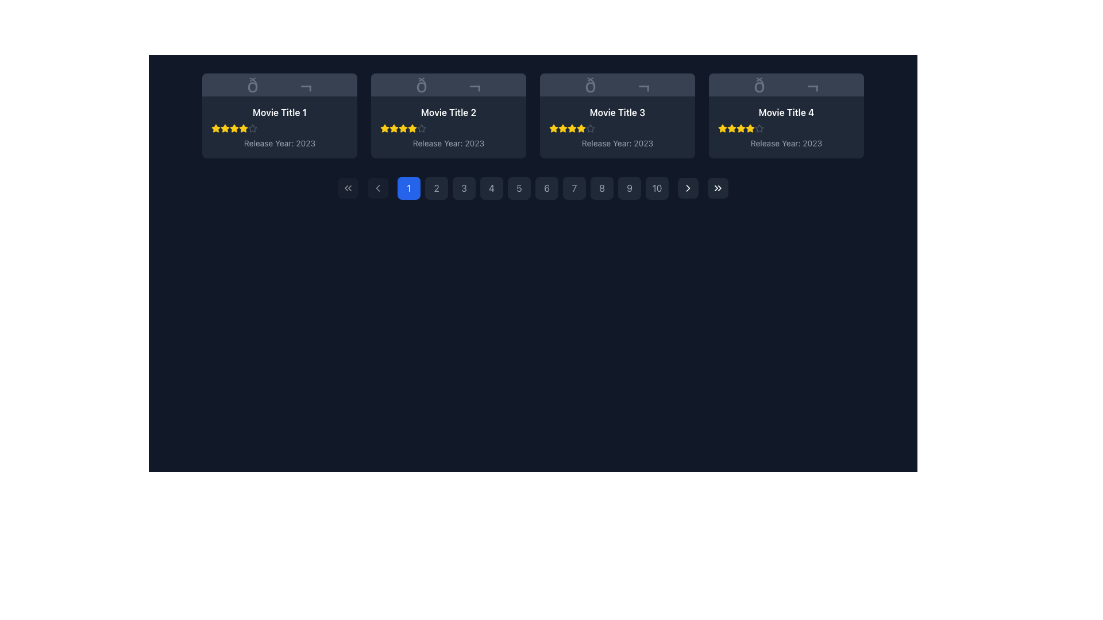  Describe the element at coordinates (546, 187) in the screenshot. I see `the square button with a dark gray background displaying the number '6'` at that location.